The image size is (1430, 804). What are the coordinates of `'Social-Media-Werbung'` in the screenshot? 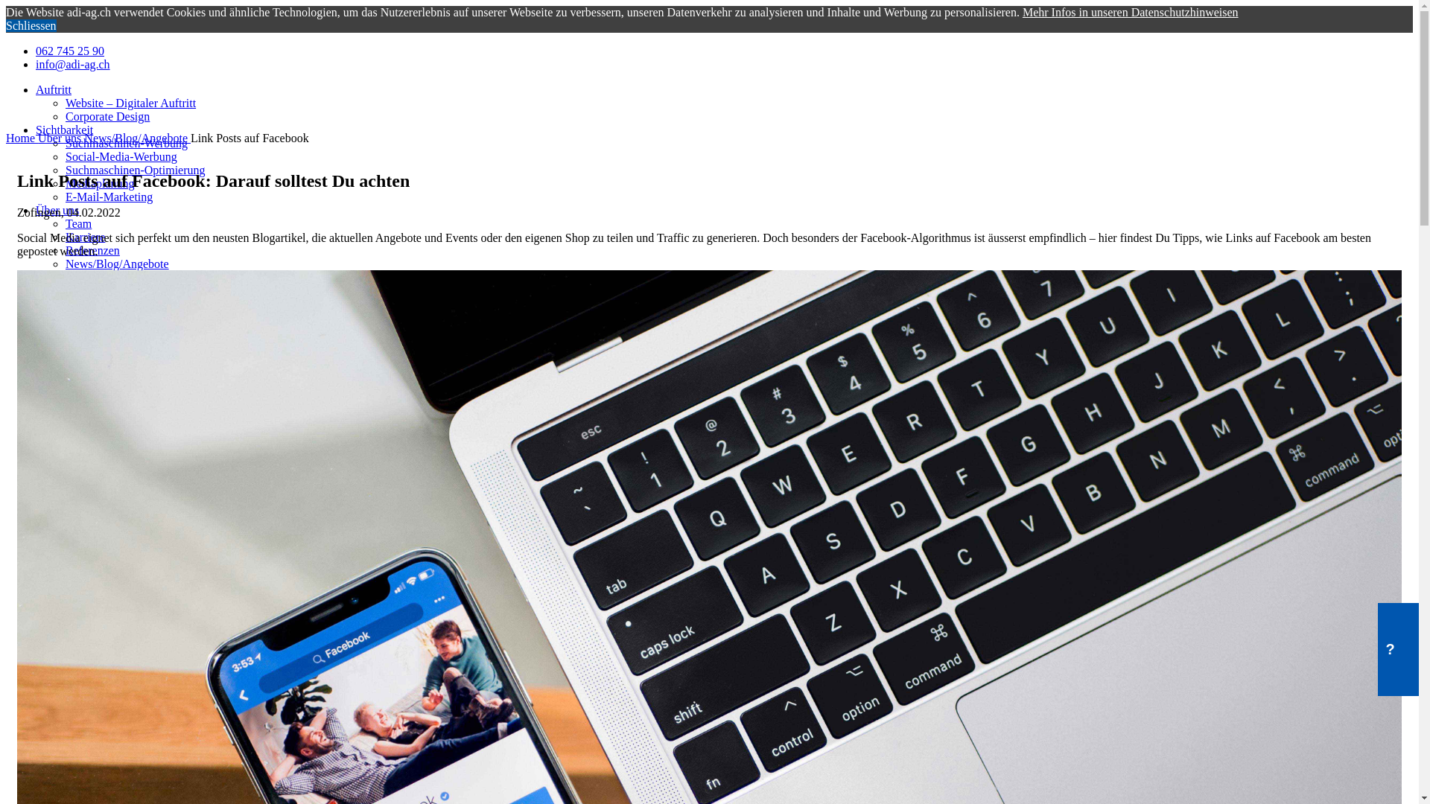 It's located at (121, 156).